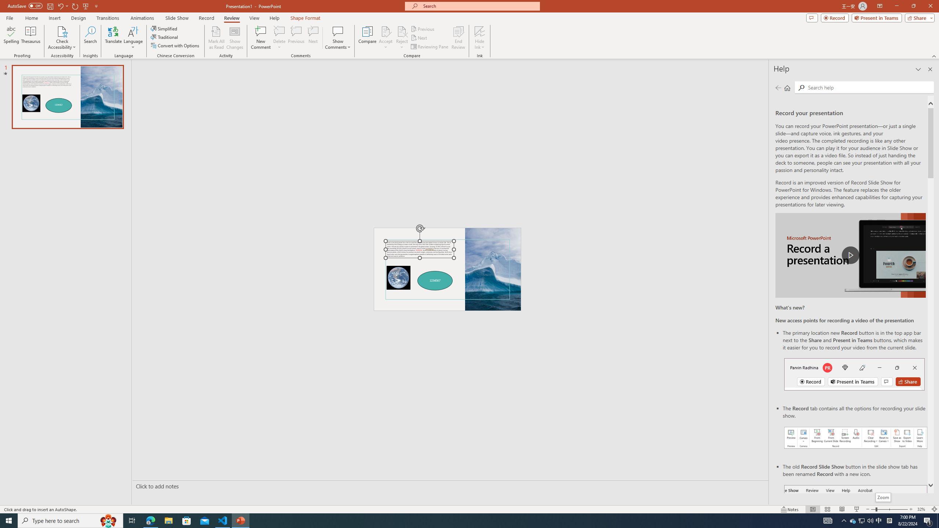  I want to click on 'play Record a Presentation', so click(850, 255).